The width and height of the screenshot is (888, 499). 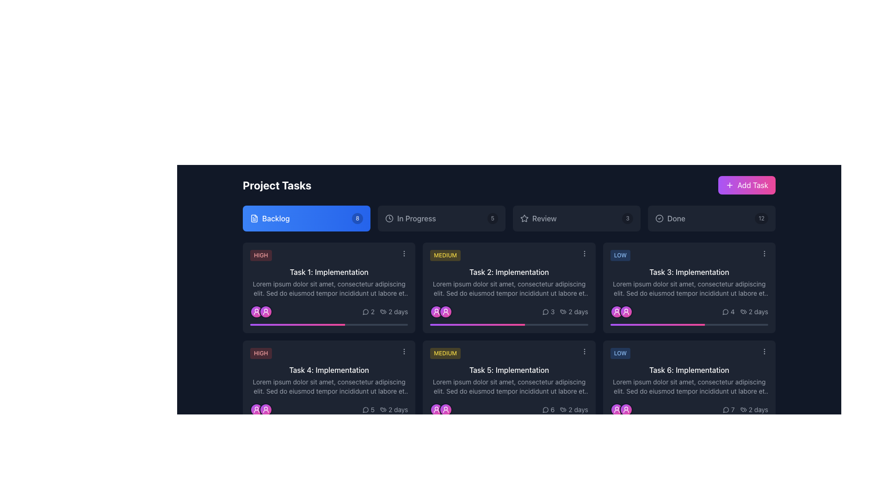 I want to click on the compact icon resembling two intersecting tags located to the left of the '2 days' text within the task card, so click(x=383, y=312).